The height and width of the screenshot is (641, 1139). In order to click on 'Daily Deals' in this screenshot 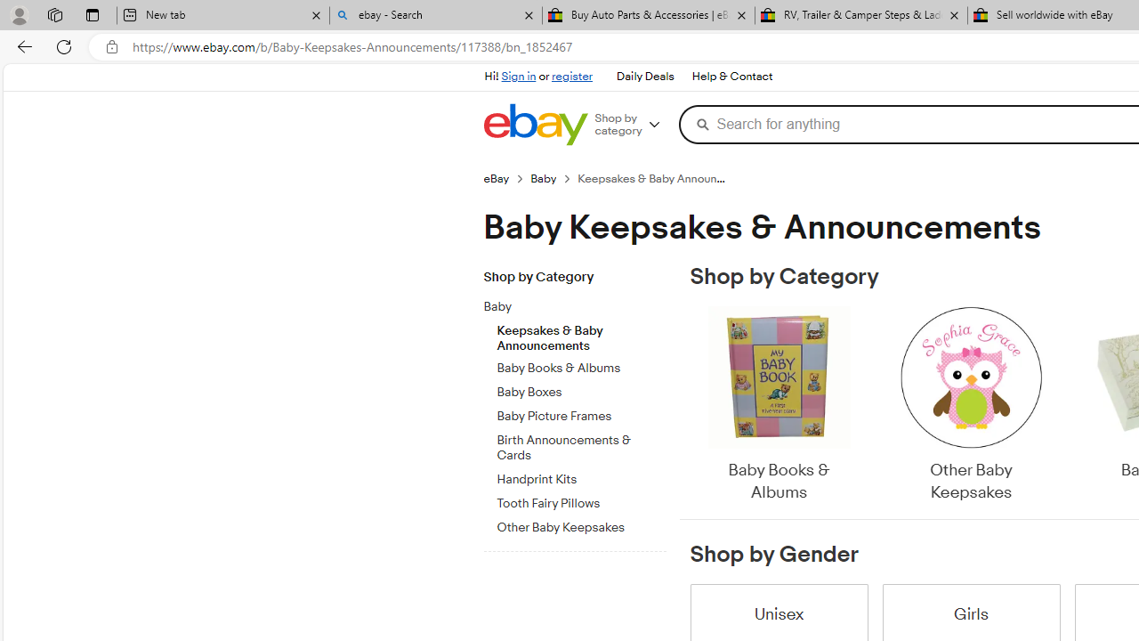, I will do `click(644, 77)`.